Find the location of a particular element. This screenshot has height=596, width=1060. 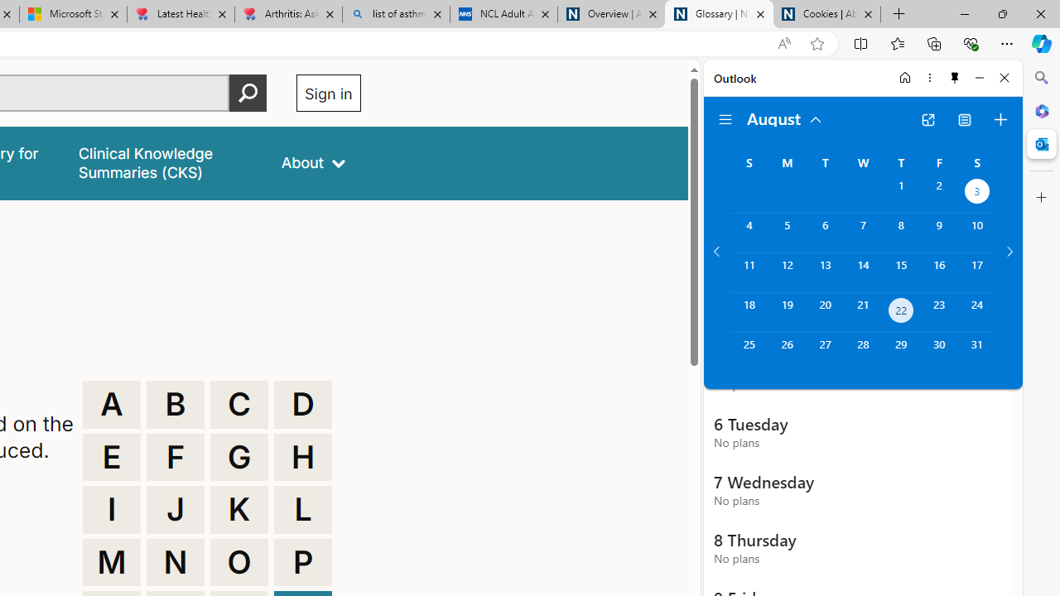

'C' is located at coordinates (238, 404).